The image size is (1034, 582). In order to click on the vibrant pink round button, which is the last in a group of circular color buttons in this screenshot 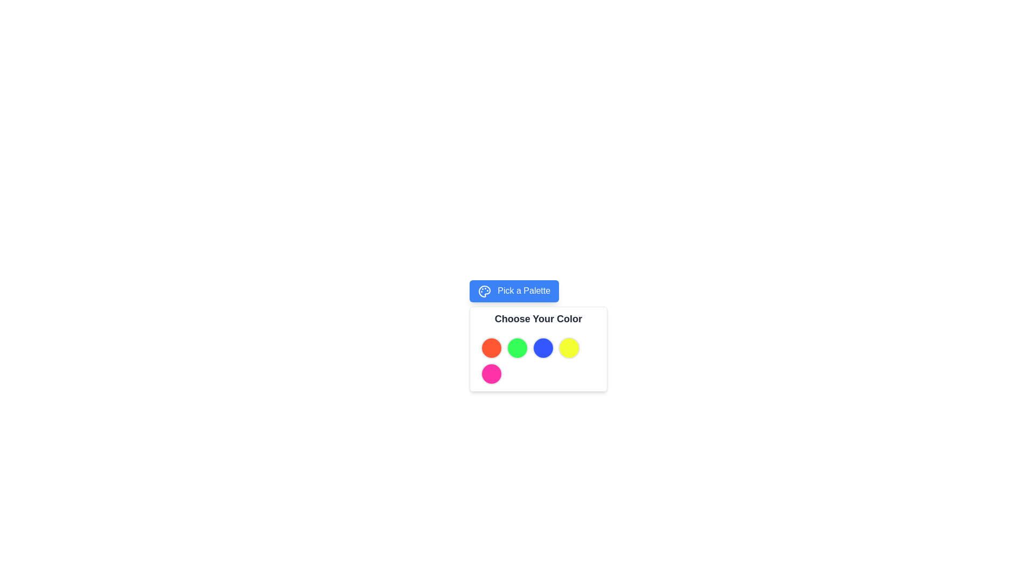, I will do `click(491, 373)`.